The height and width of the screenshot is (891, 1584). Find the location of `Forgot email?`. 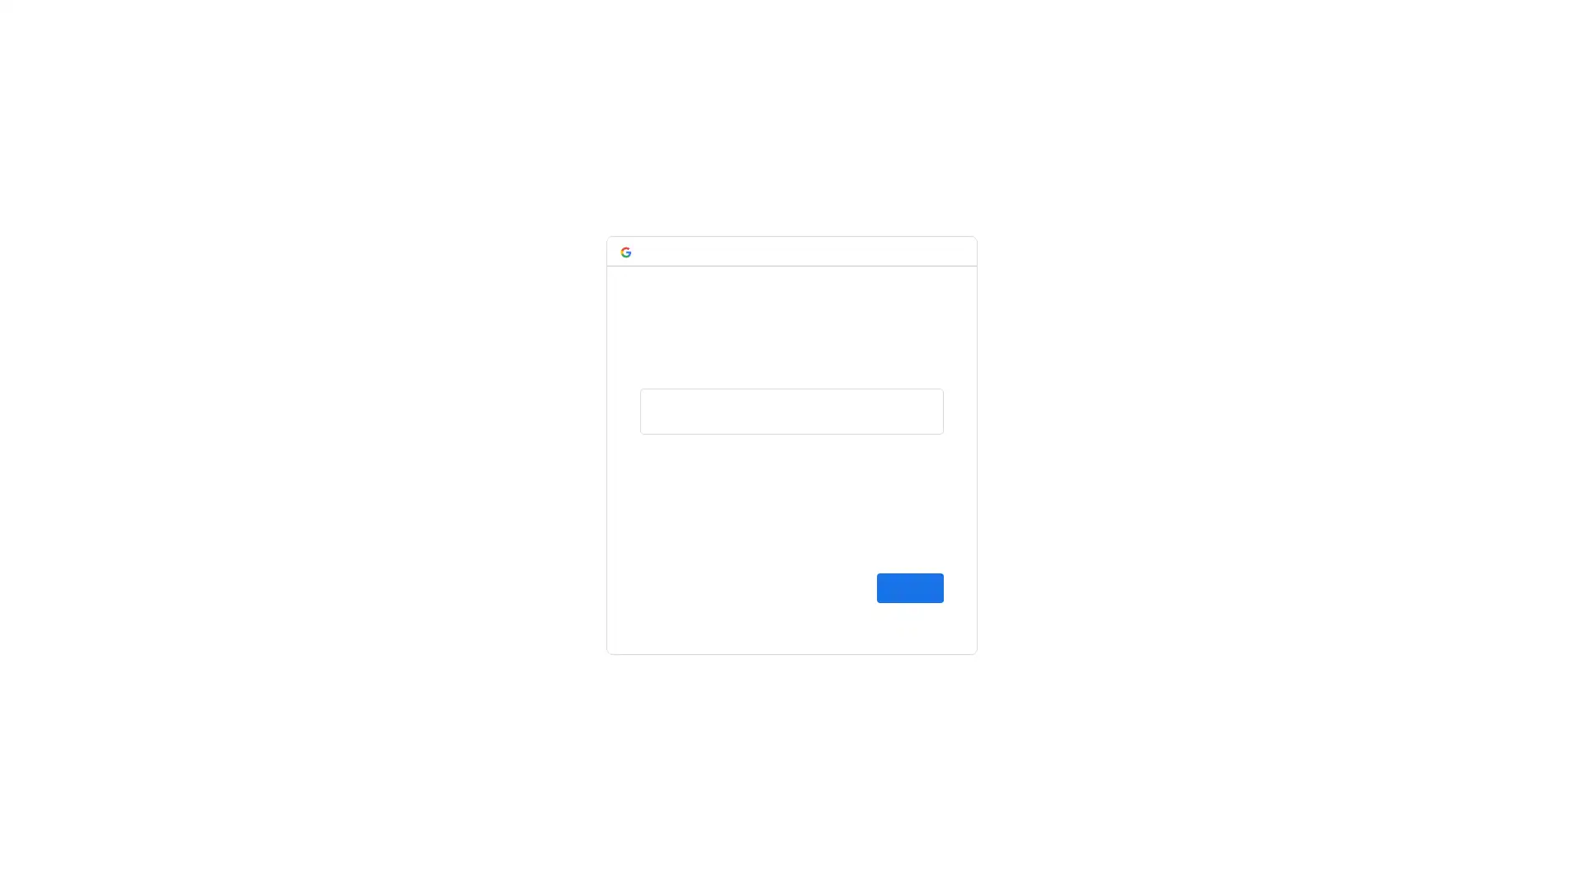

Forgot email? is located at coordinates (677, 450).